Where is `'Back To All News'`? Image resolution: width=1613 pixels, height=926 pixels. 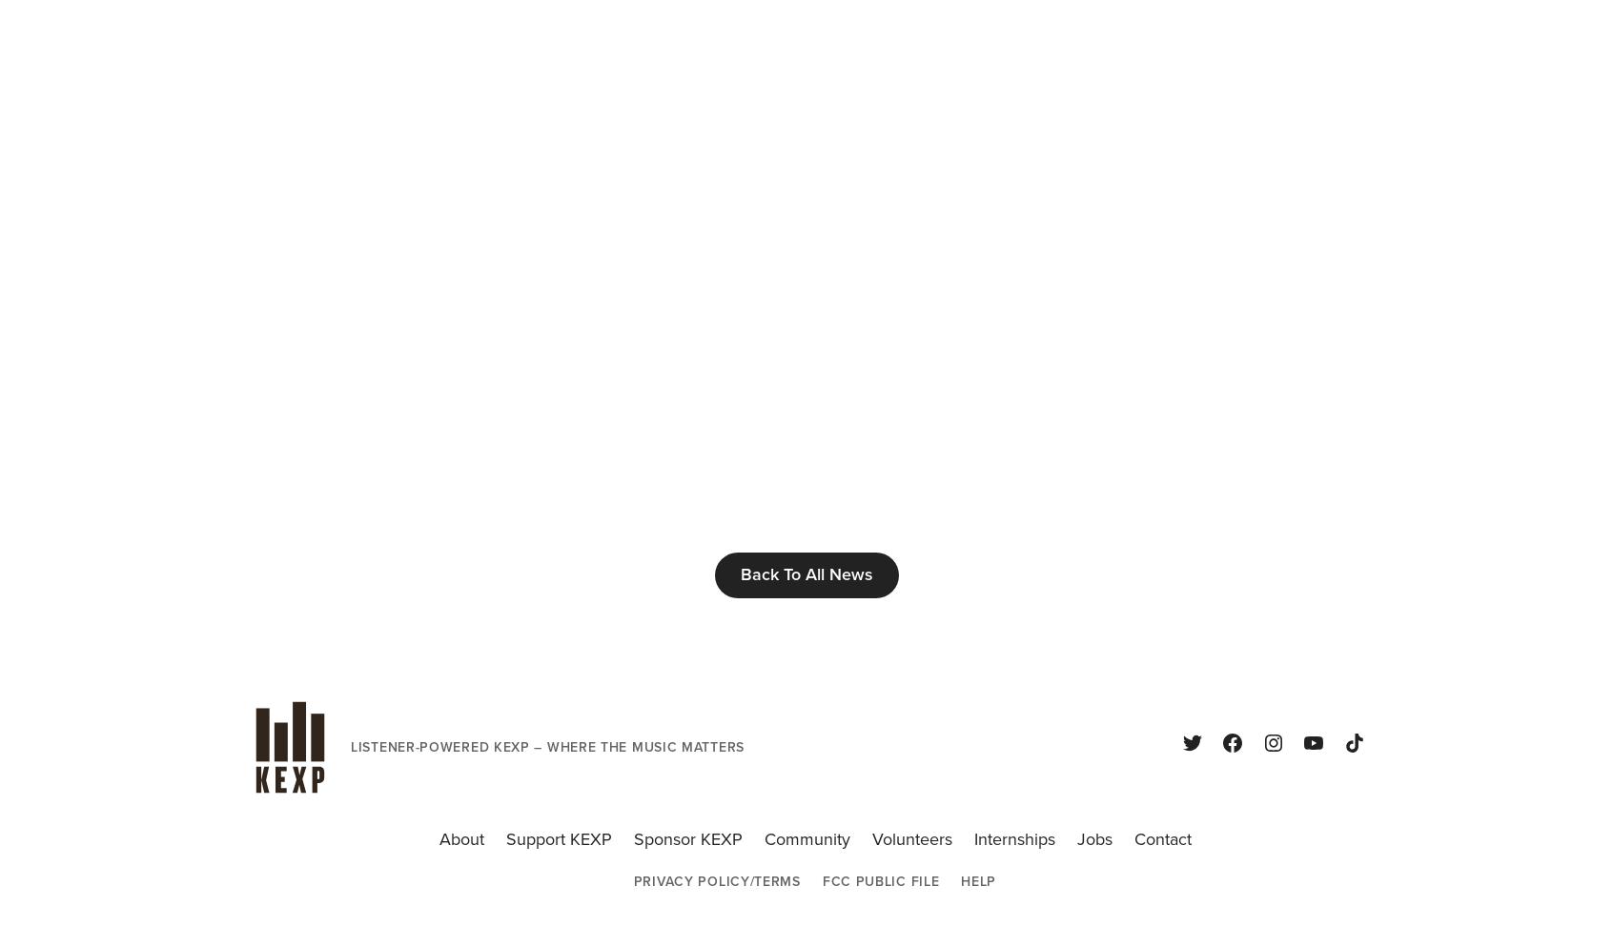 'Back To All News' is located at coordinates (806, 574).